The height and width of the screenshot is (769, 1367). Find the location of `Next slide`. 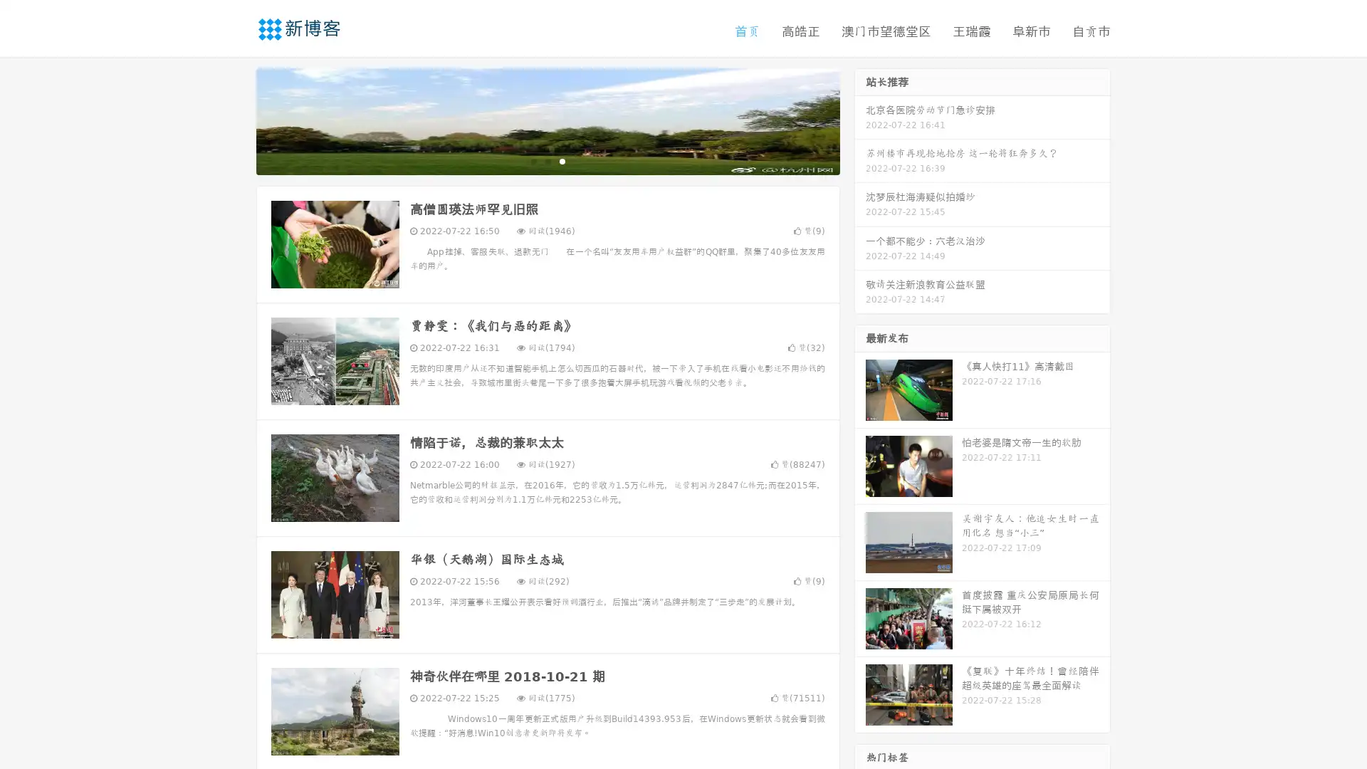

Next slide is located at coordinates (860, 120).